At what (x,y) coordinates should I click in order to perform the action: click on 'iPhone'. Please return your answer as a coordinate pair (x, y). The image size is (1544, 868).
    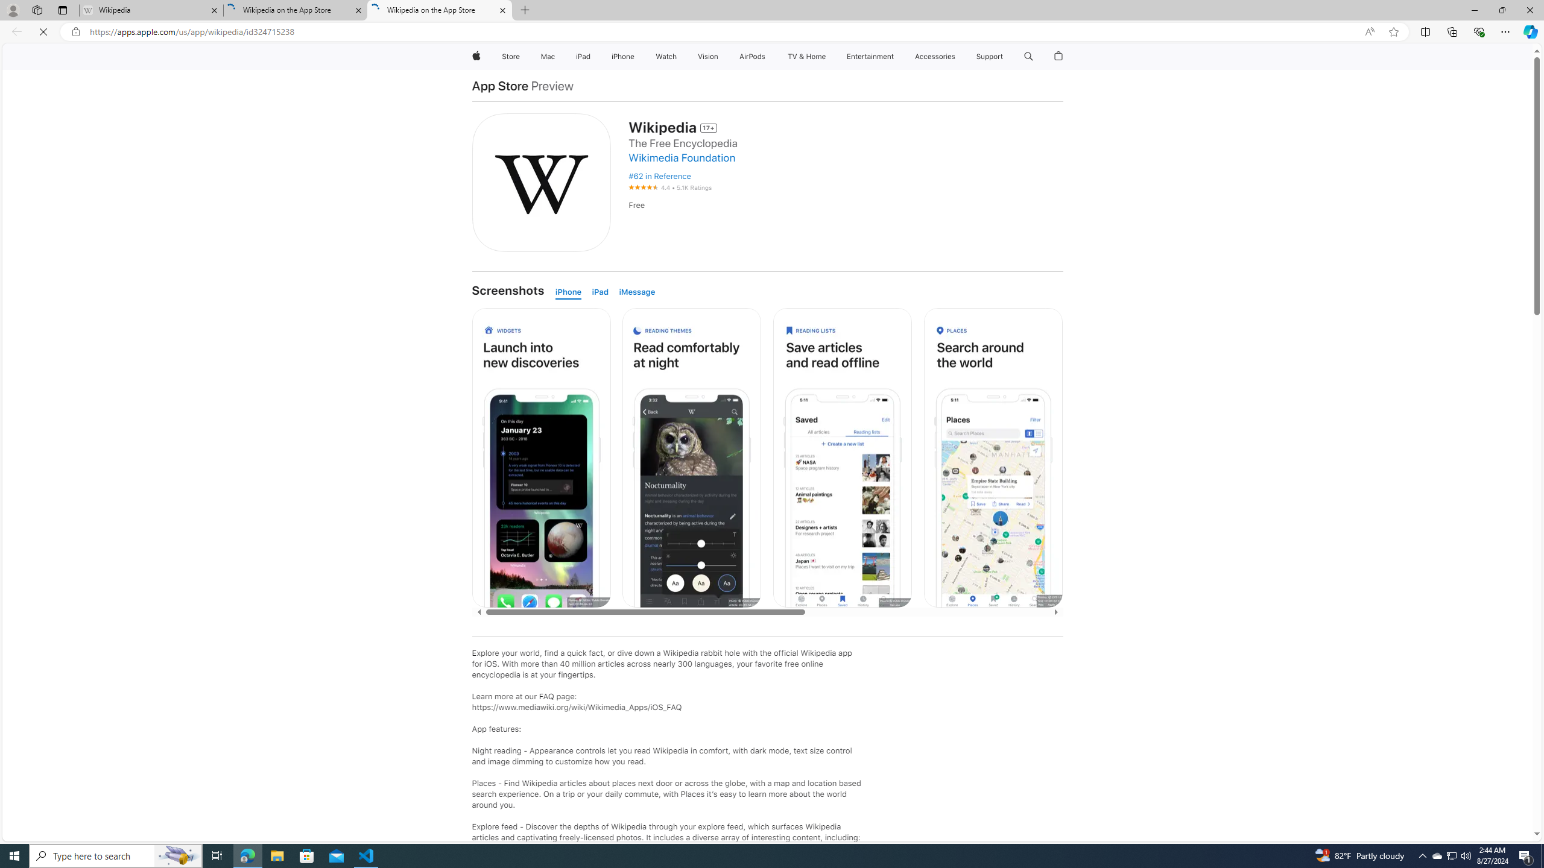
    Looking at the image, I should click on (571, 292).